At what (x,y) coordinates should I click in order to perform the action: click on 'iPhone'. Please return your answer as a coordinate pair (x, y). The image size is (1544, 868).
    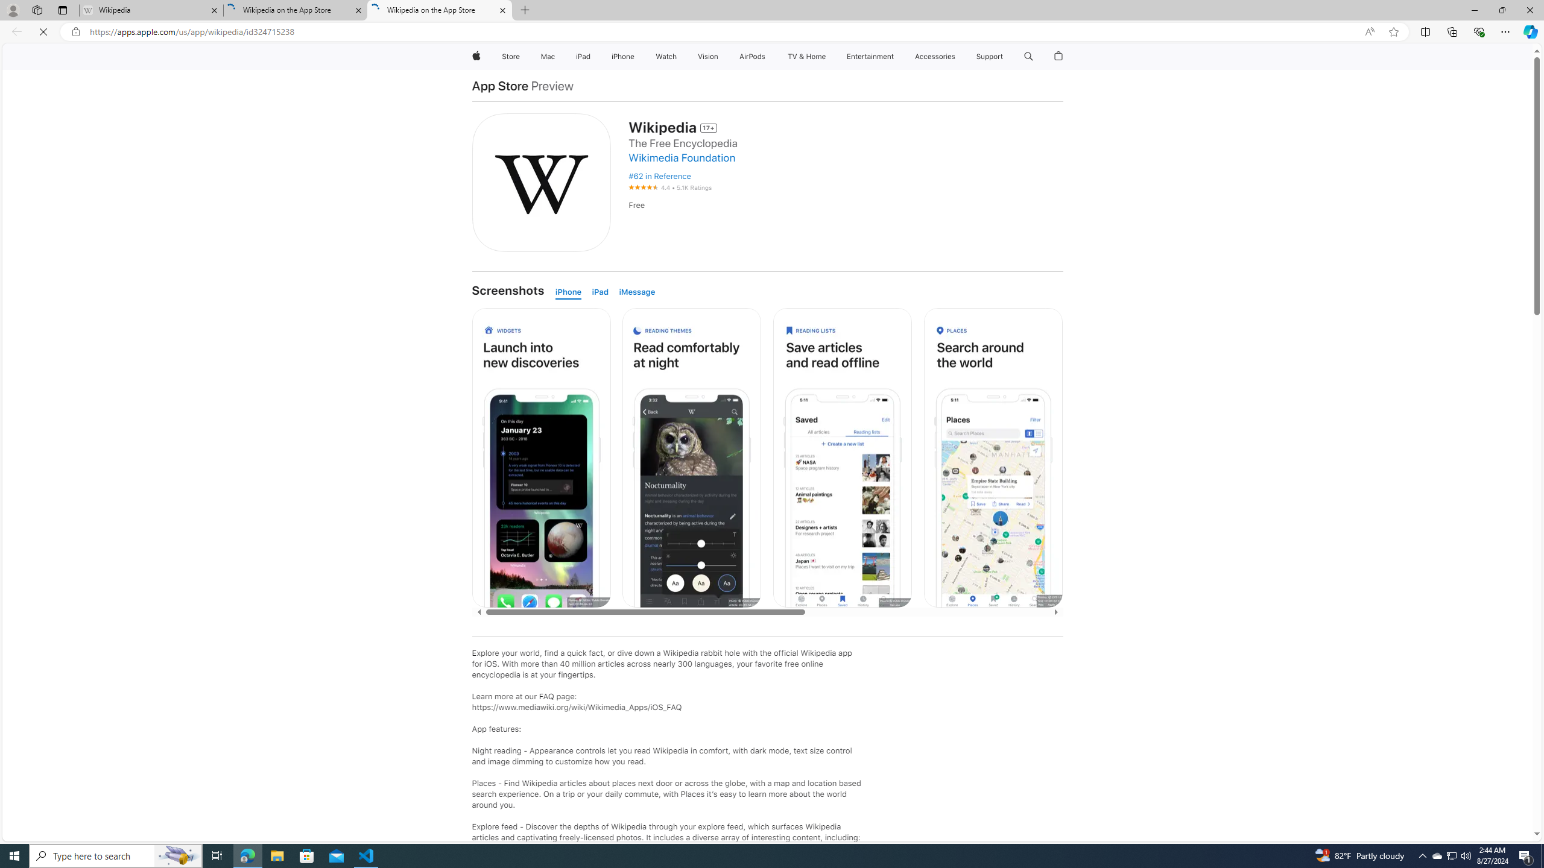
    Looking at the image, I should click on (571, 292).